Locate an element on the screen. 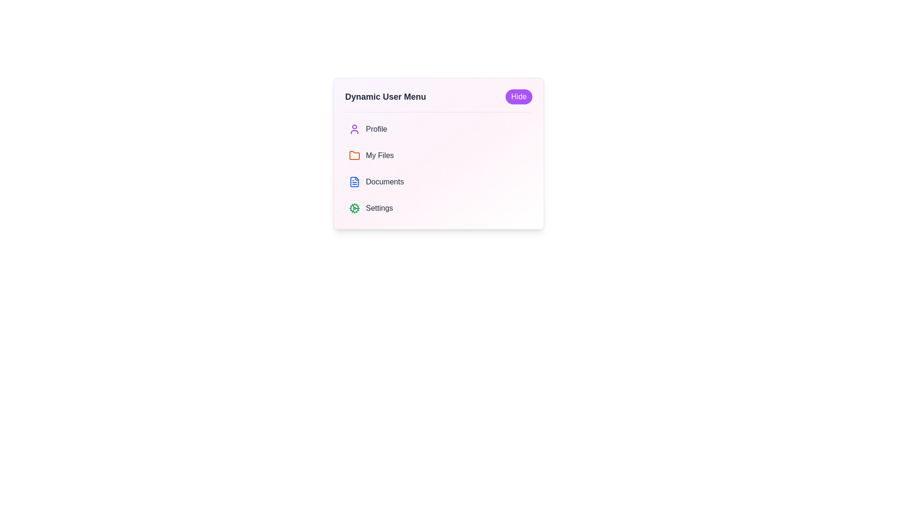  the settings icon located at the end of the user menu is located at coordinates (354, 208).